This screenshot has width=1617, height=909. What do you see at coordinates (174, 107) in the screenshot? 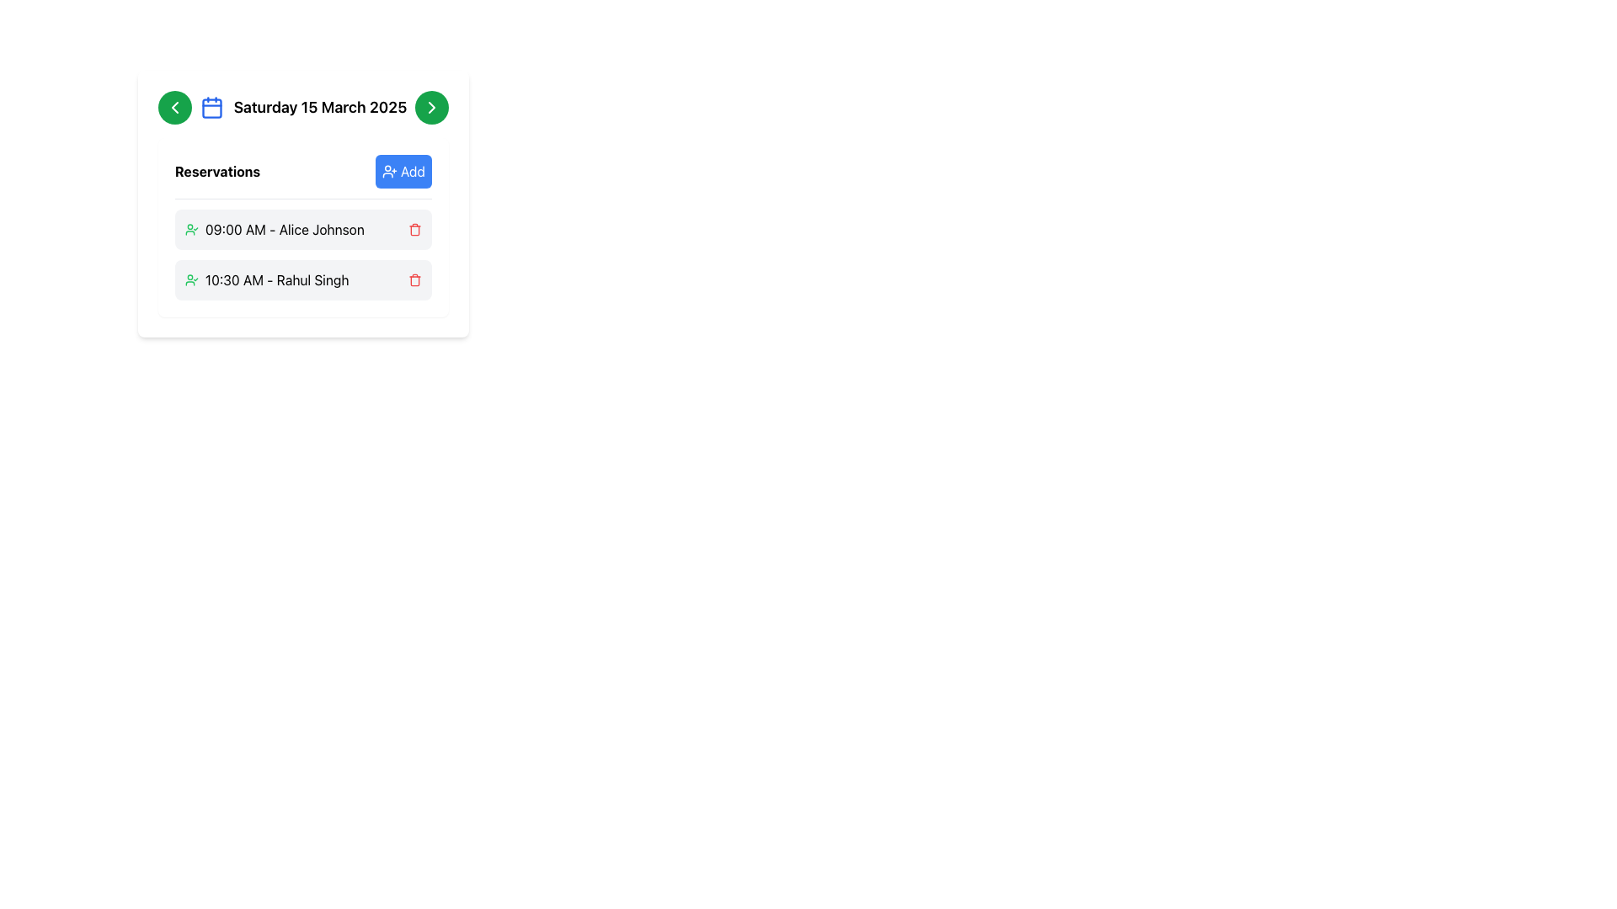
I see `the green circular button located at the top left of the card-like section` at bounding box center [174, 107].